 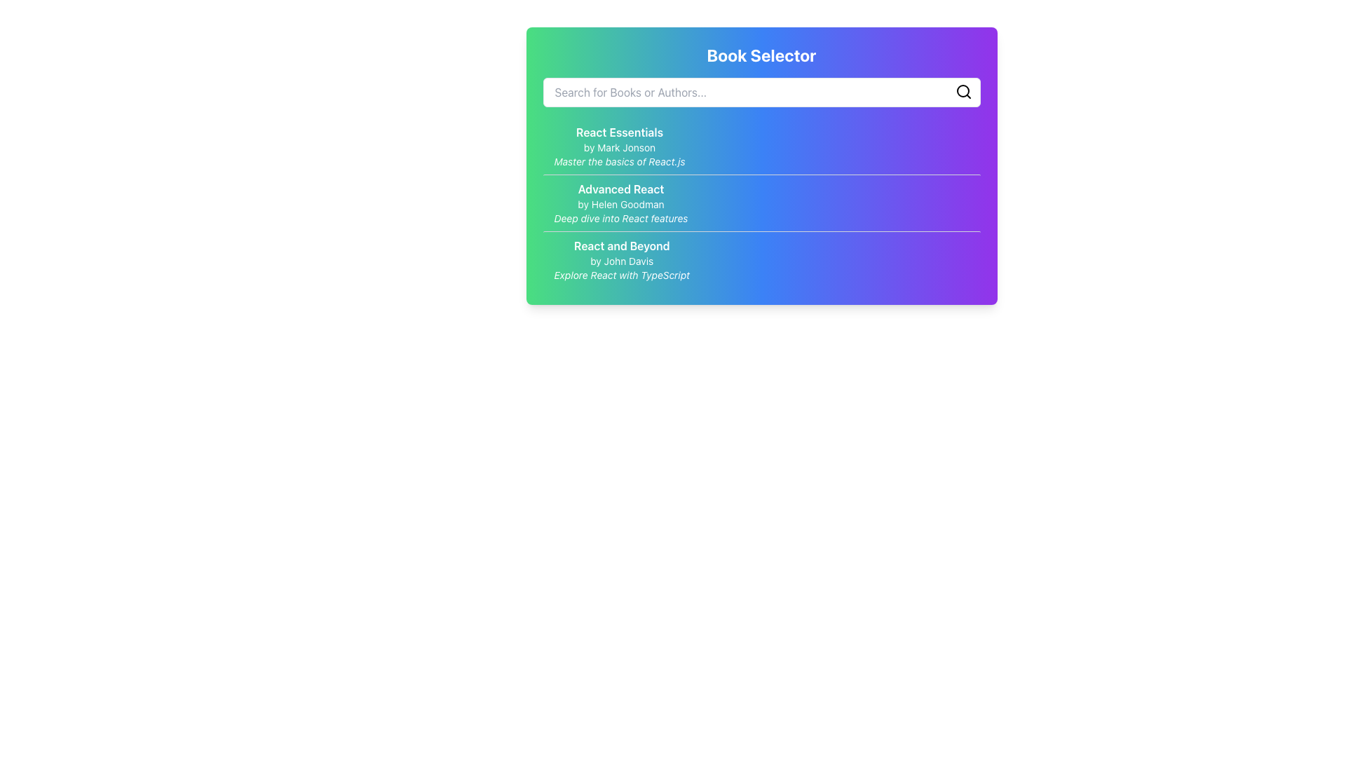 What do you see at coordinates (618, 146) in the screenshot?
I see `on the first list item in the book selector, which features the title 'React Essentials' in bold and larger text` at bounding box center [618, 146].